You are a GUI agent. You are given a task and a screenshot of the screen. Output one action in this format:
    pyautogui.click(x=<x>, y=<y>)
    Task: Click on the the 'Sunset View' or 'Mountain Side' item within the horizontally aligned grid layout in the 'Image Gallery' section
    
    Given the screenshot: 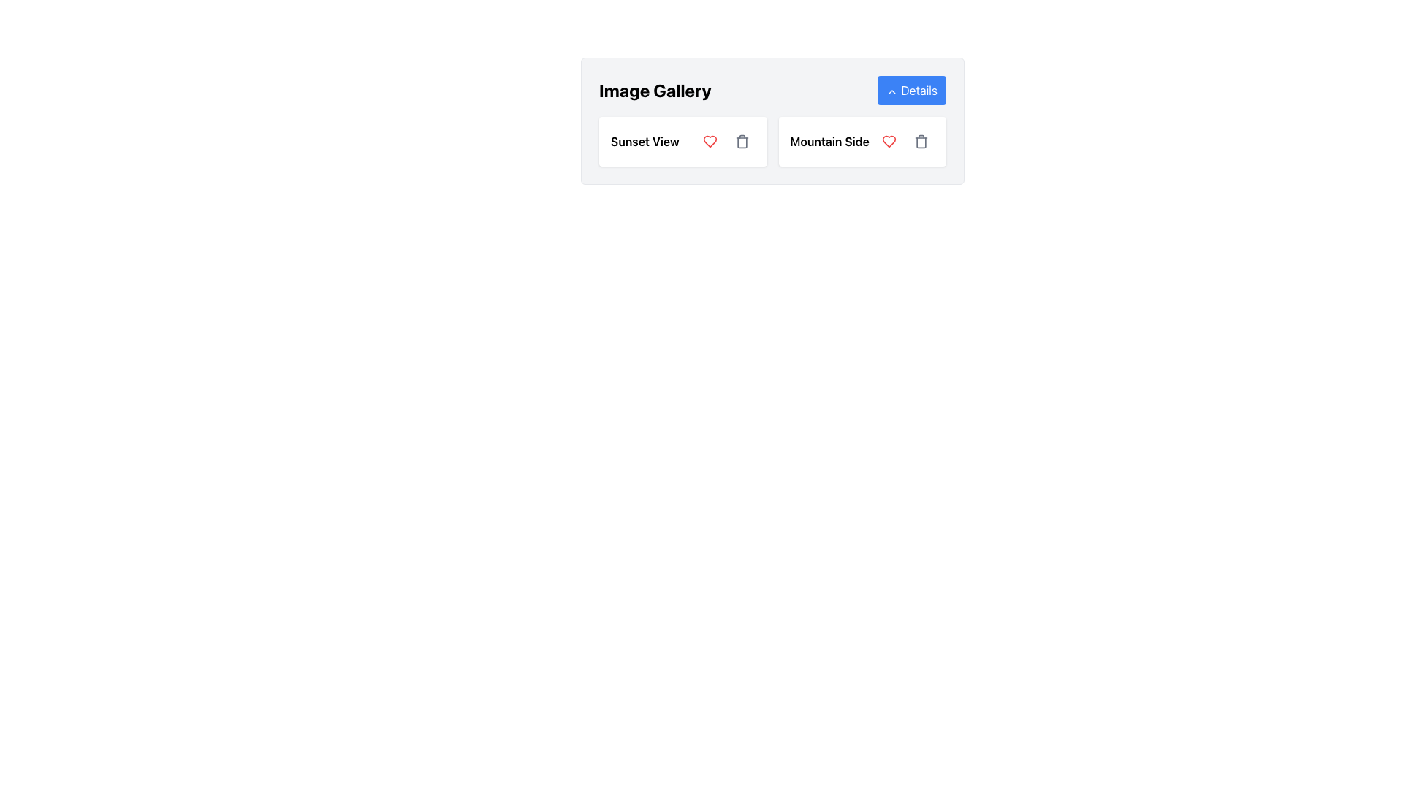 What is the action you would take?
    pyautogui.click(x=772, y=141)
    